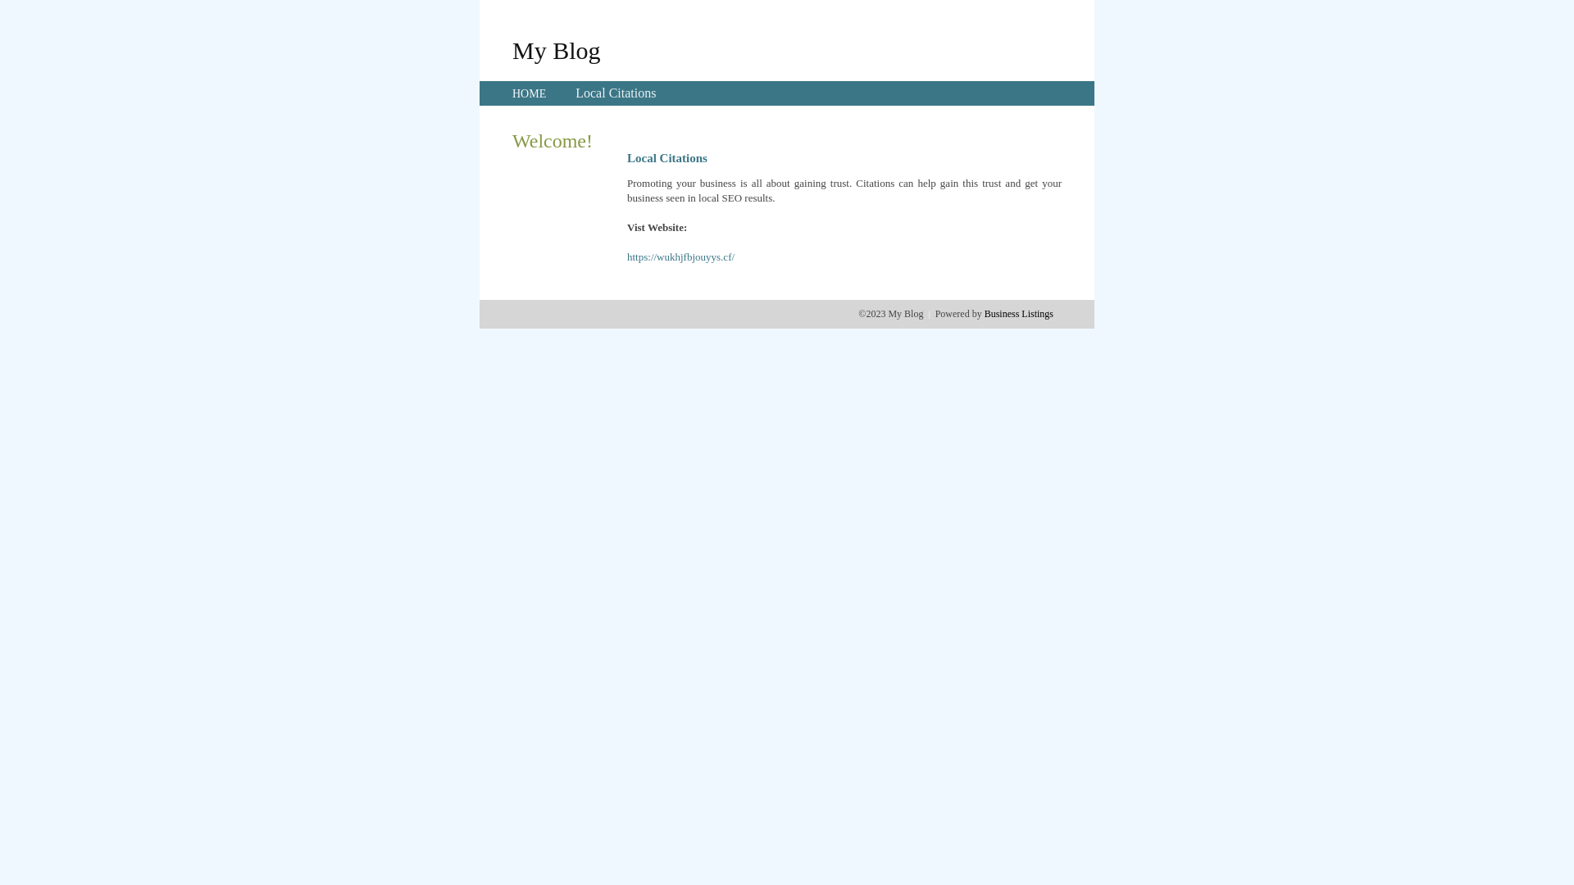  I want to click on 'HOME', so click(529, 93).